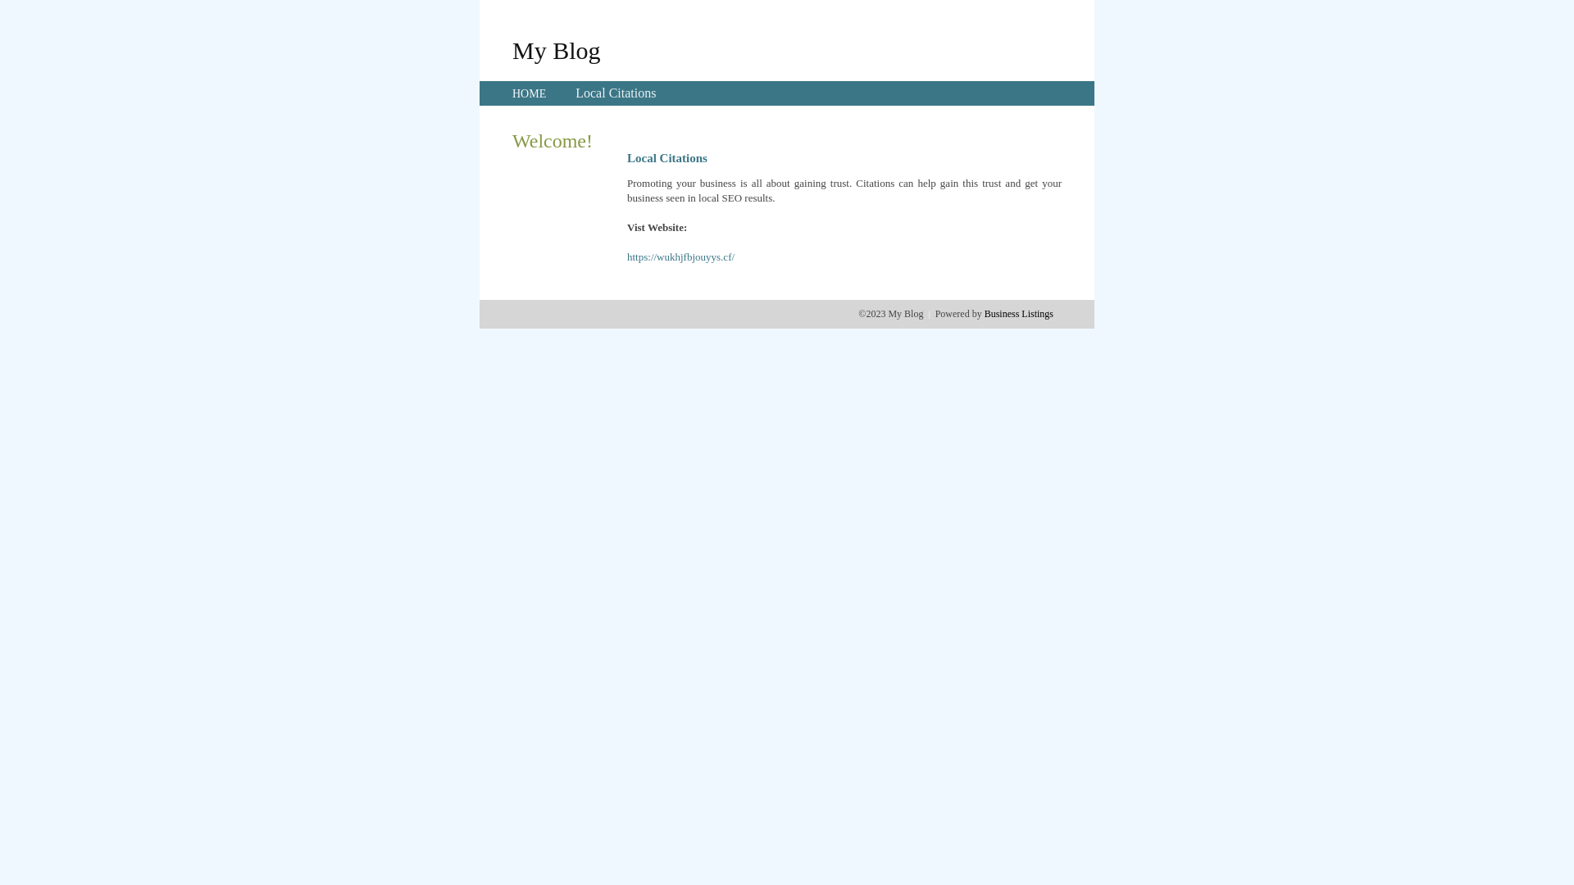  I want to click on 'HOME', so click(529, 93).